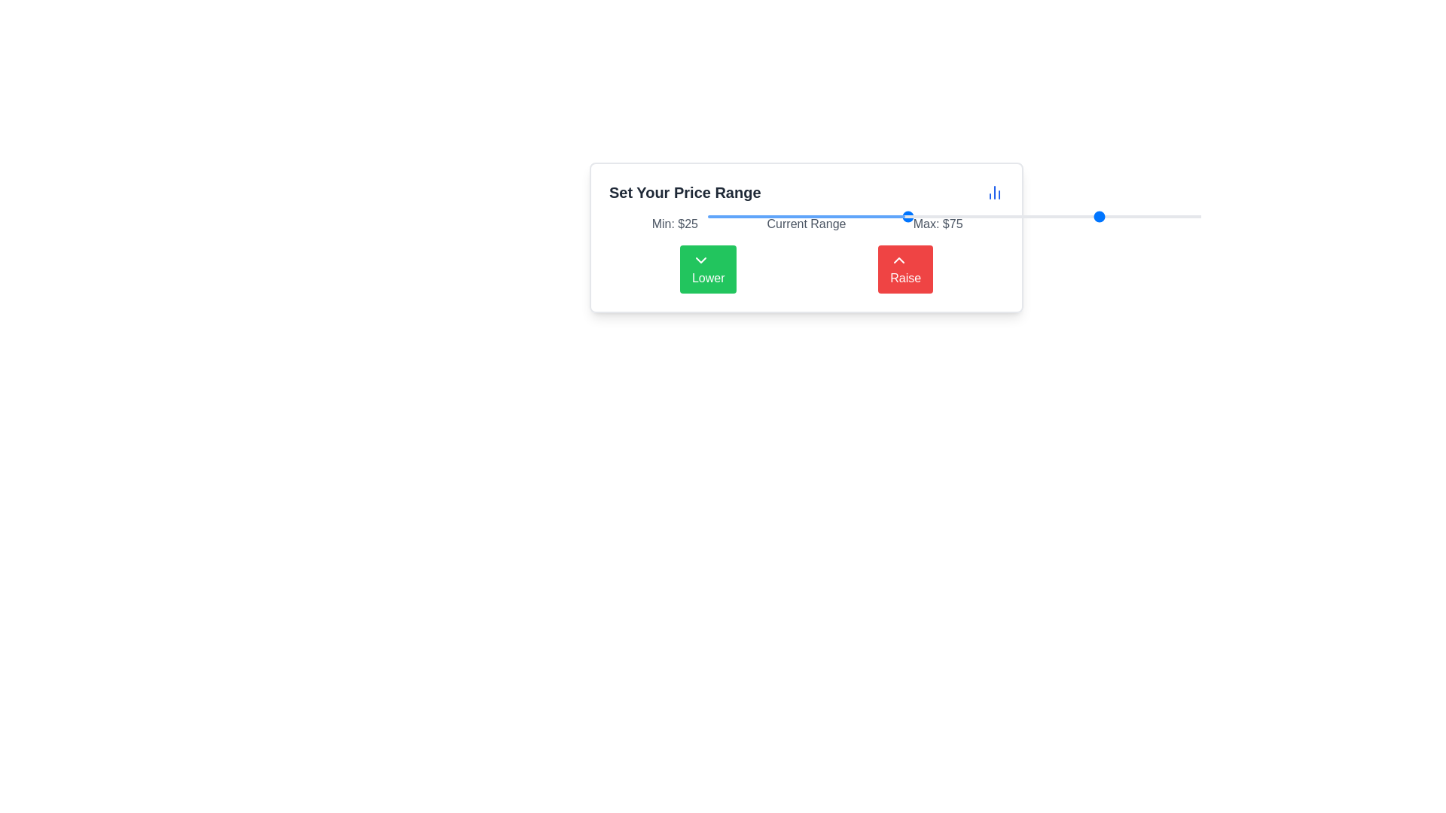  Describe the element at coordinates (994, 191) in the screenshot. I see `the chart icon in the header section titled 'Set Your Price Range', which is a non-interactive graphical element composed of three vertical blue bars arranged side by side` at that location.